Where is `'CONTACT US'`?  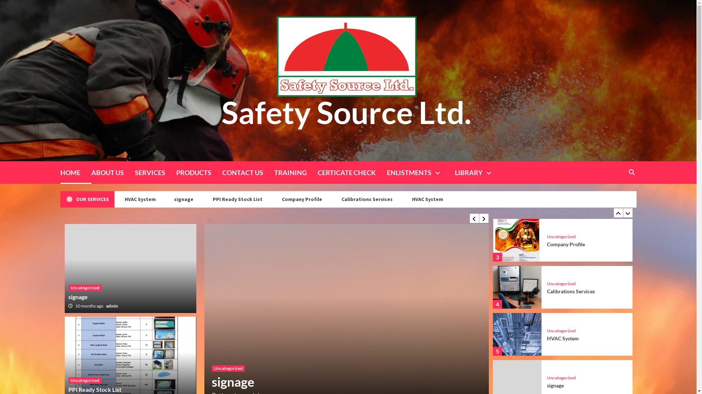 'CONTACT US' is located at coordinates (248, 173).